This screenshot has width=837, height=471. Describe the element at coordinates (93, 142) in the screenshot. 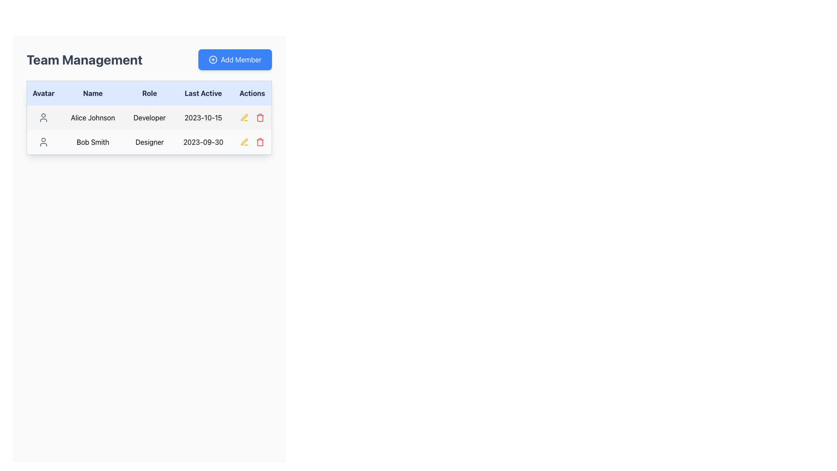

I see `the text label displaying 'Bob Smith' in the second row of the 'Name' column in the 'Team Management' section` at that location.